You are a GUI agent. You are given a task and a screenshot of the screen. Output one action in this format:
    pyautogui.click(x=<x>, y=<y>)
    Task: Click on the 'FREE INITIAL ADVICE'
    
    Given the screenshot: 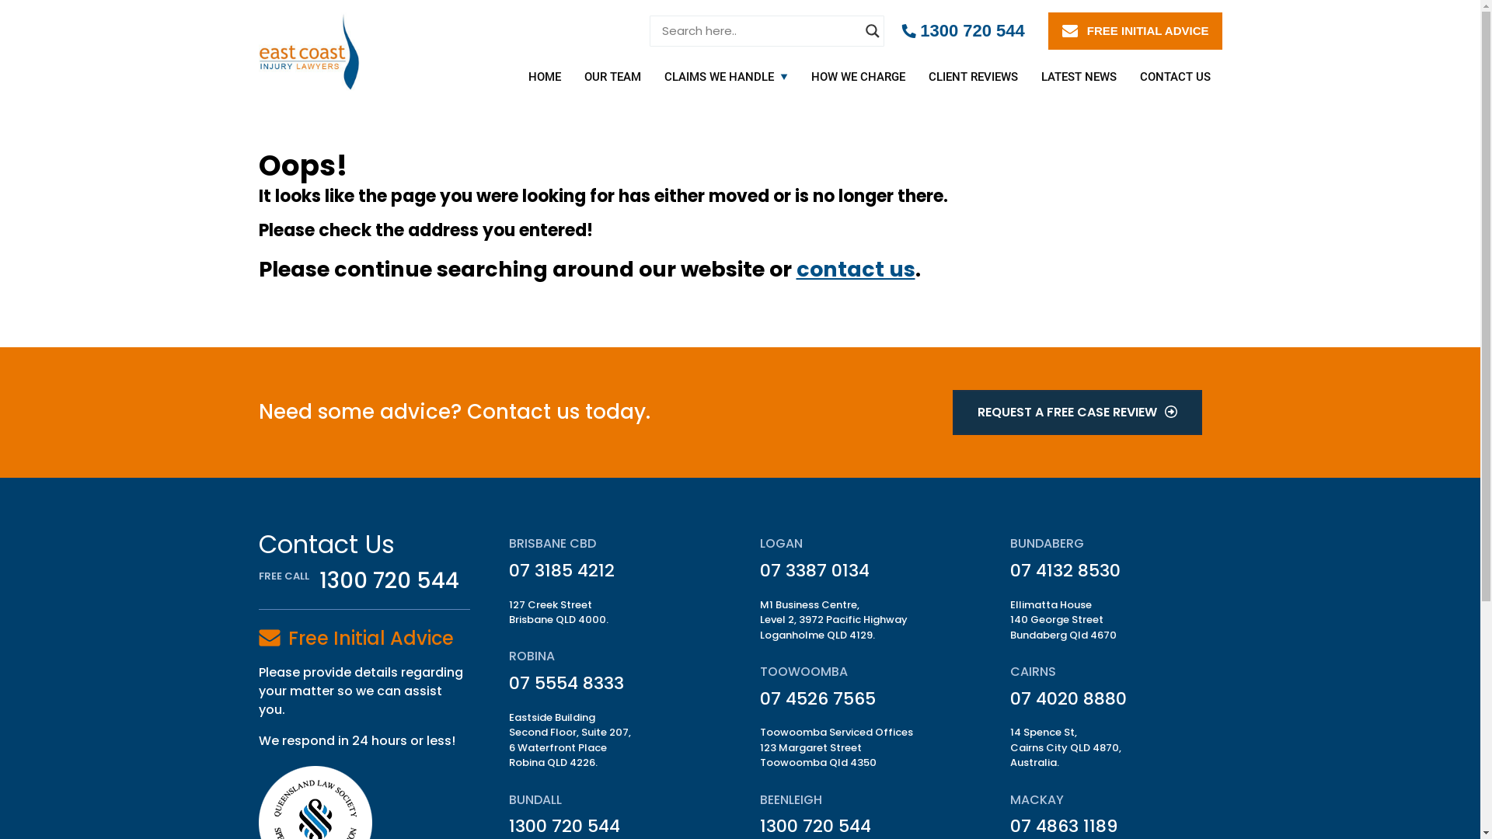 What is the action you would take?
    pyautogui.click(x=1135, y=30)
    